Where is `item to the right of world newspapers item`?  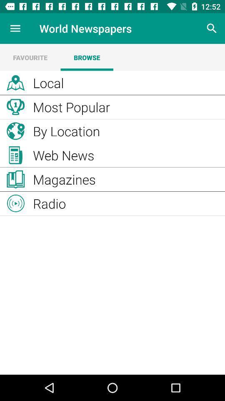
item to the right of world newspapers item is located at coordinates (212, 28).